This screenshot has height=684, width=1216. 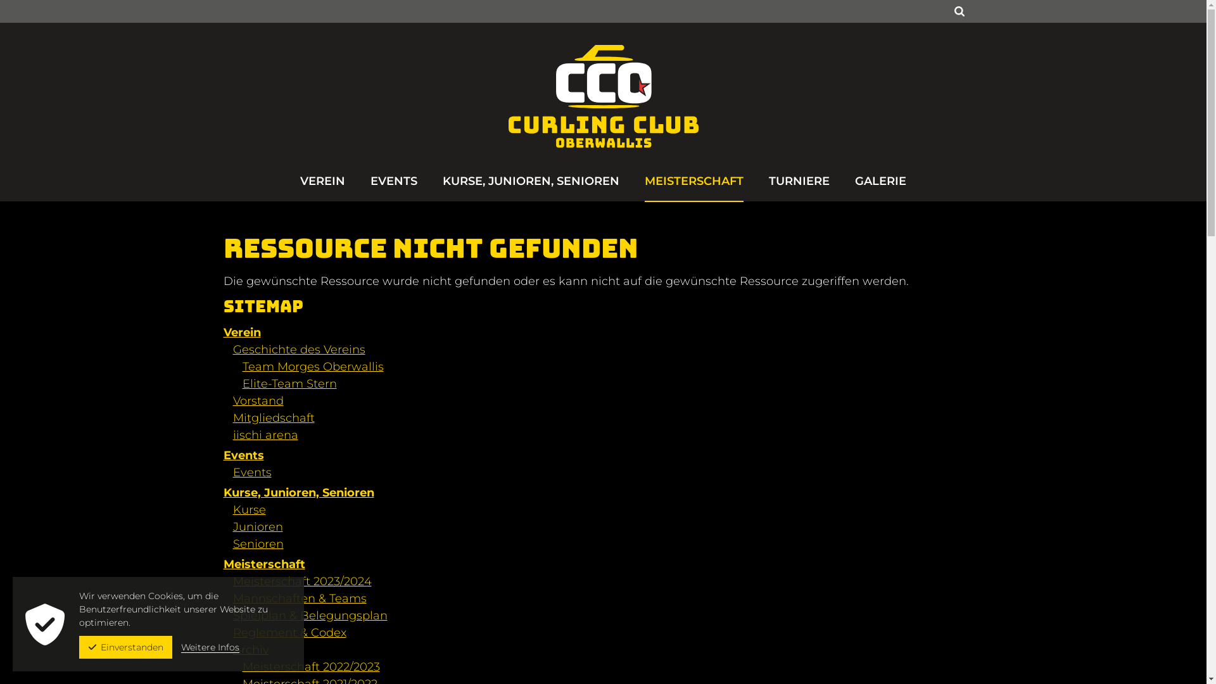 I want to click on 'Events', so click(x=233, y=472).